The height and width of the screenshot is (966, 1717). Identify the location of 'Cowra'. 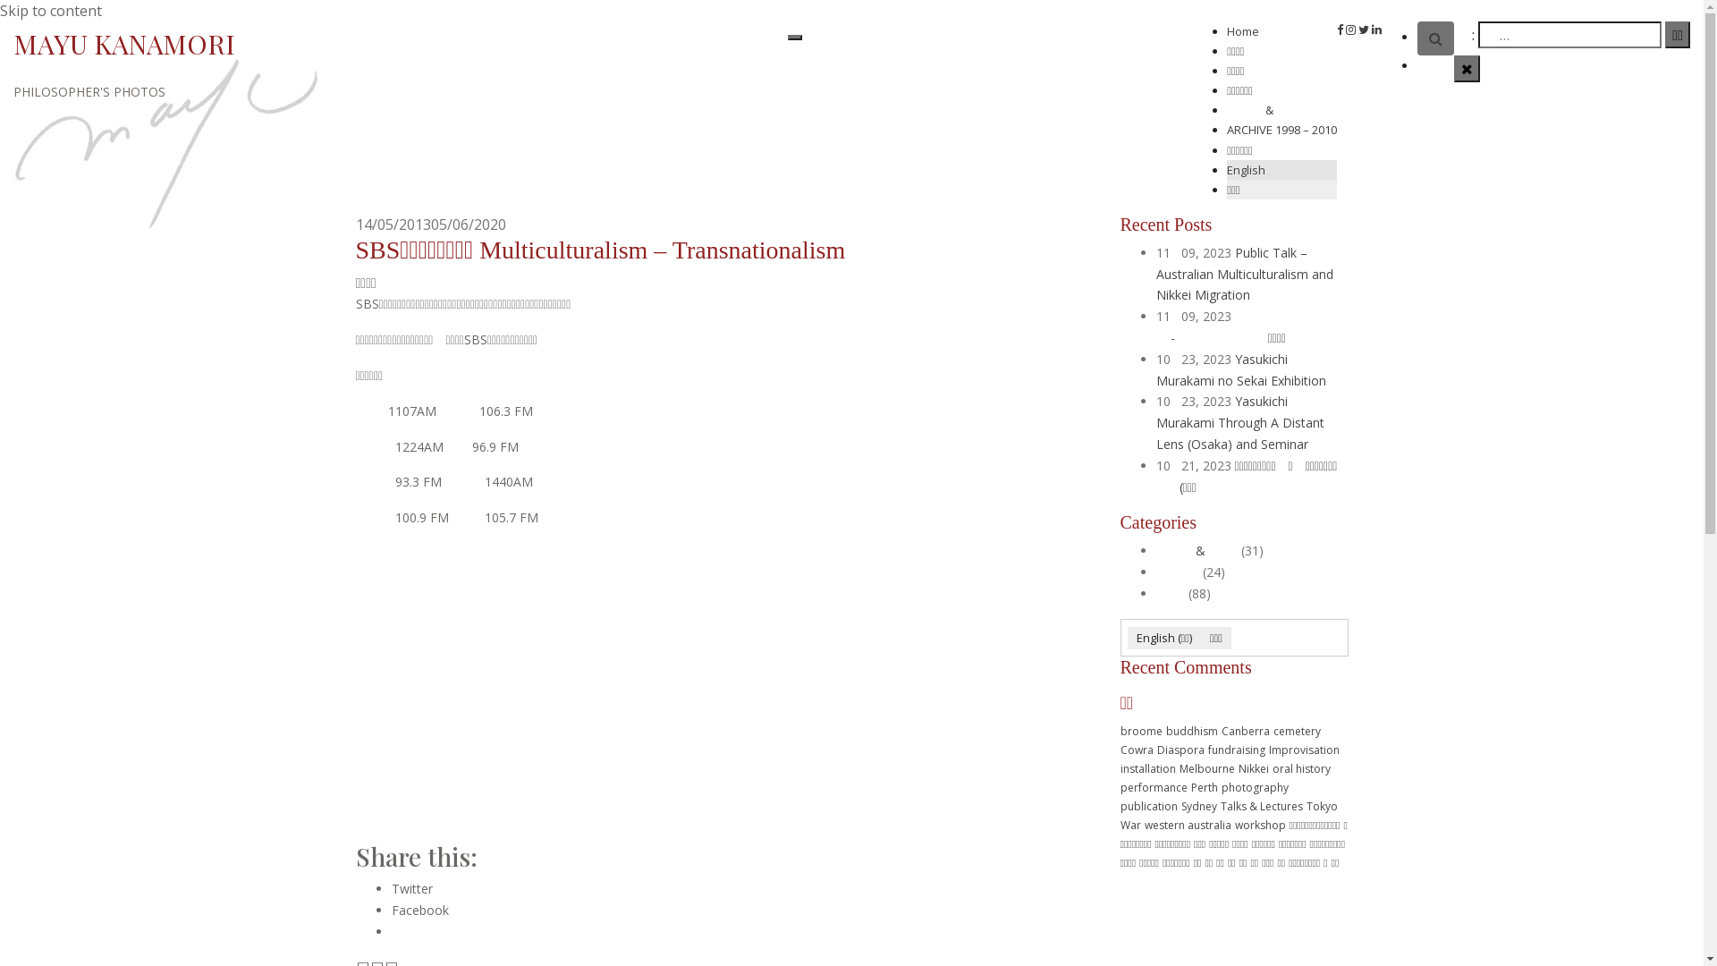
(1135, 750).